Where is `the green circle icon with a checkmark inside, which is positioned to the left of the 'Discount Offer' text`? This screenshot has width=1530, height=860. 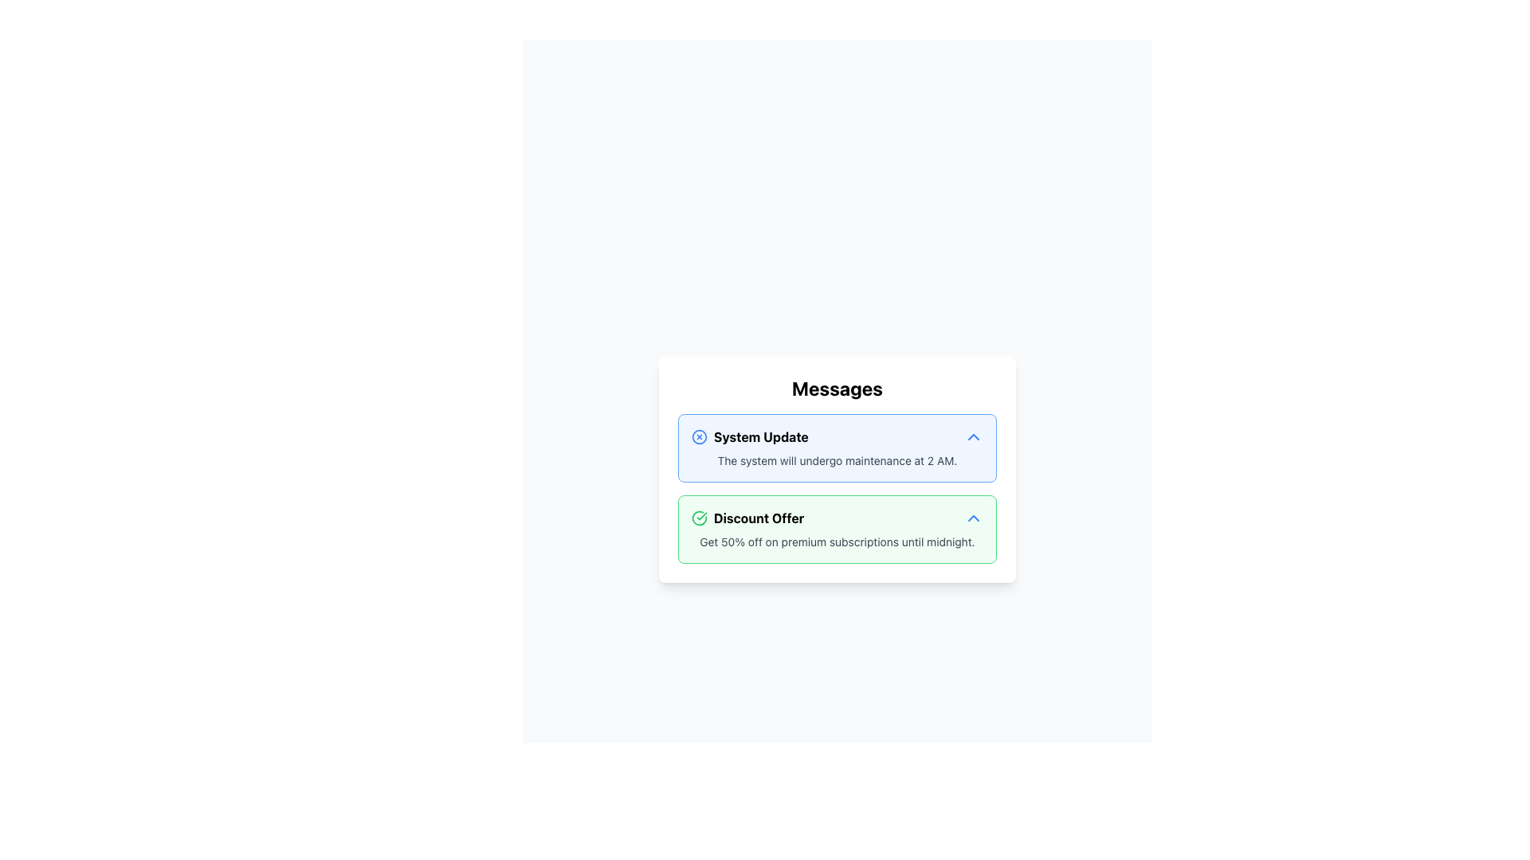 the green circle icon with a checkmark inside, which is positioned to the left of the 'Discount Offer' text is located at coordinates (700, 518).